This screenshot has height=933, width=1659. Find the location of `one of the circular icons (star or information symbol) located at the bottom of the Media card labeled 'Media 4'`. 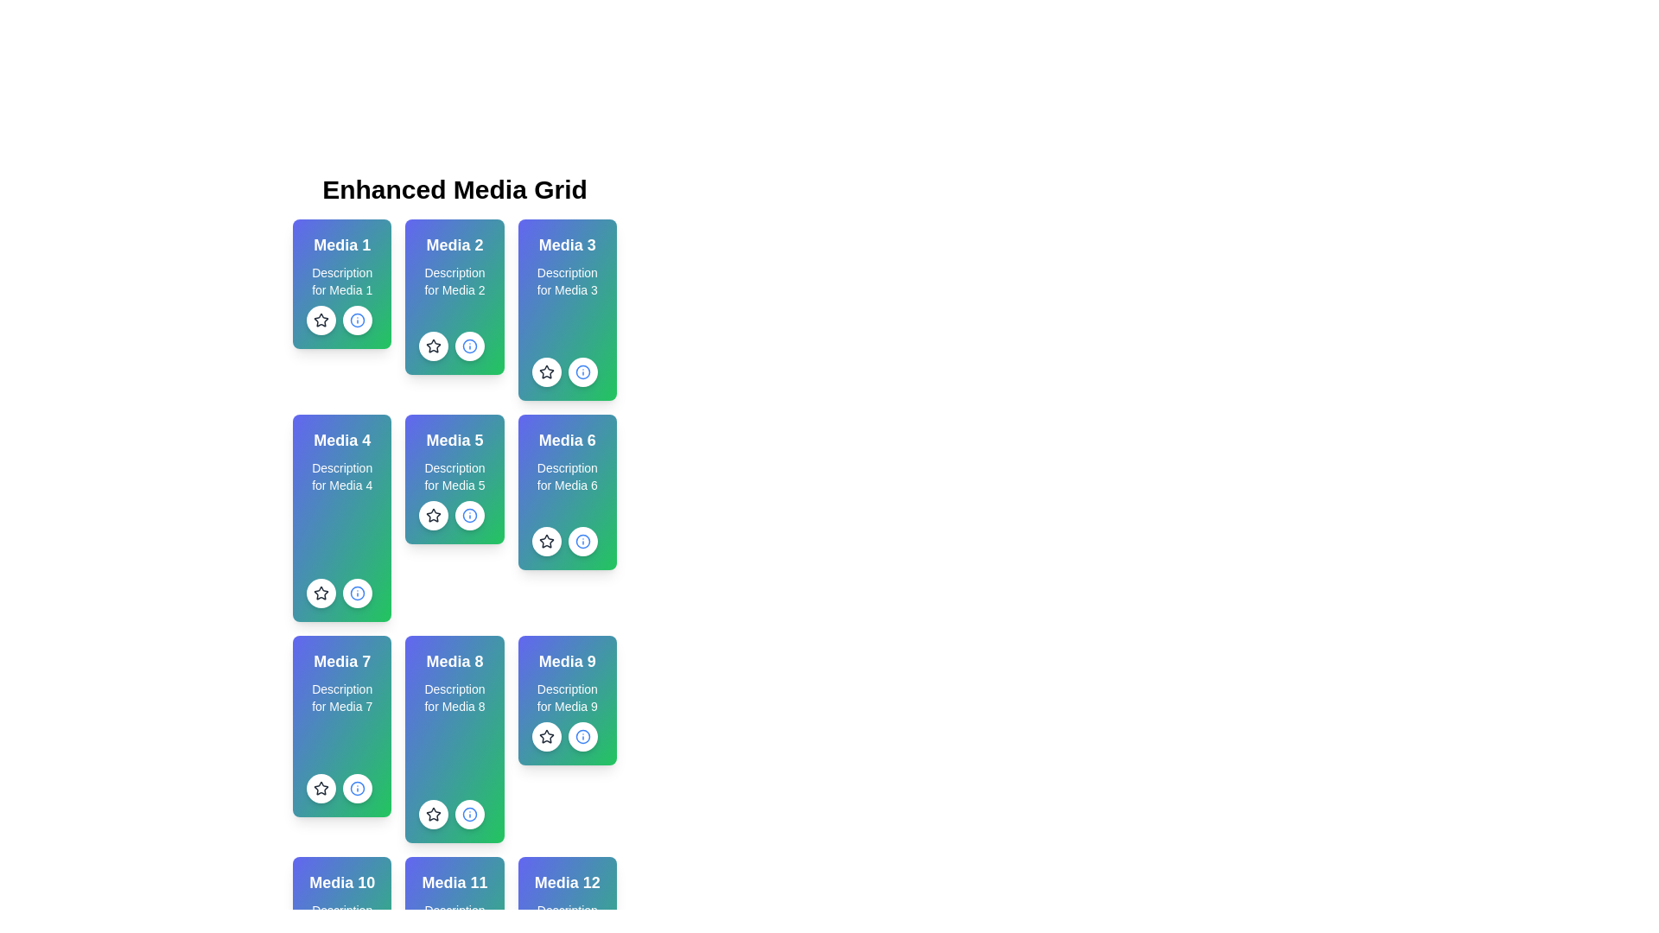

one of the circular icons (star or information symbol) located at the bottom of the Media card labeled 'Media 4' is located at coordinates (342, 517).